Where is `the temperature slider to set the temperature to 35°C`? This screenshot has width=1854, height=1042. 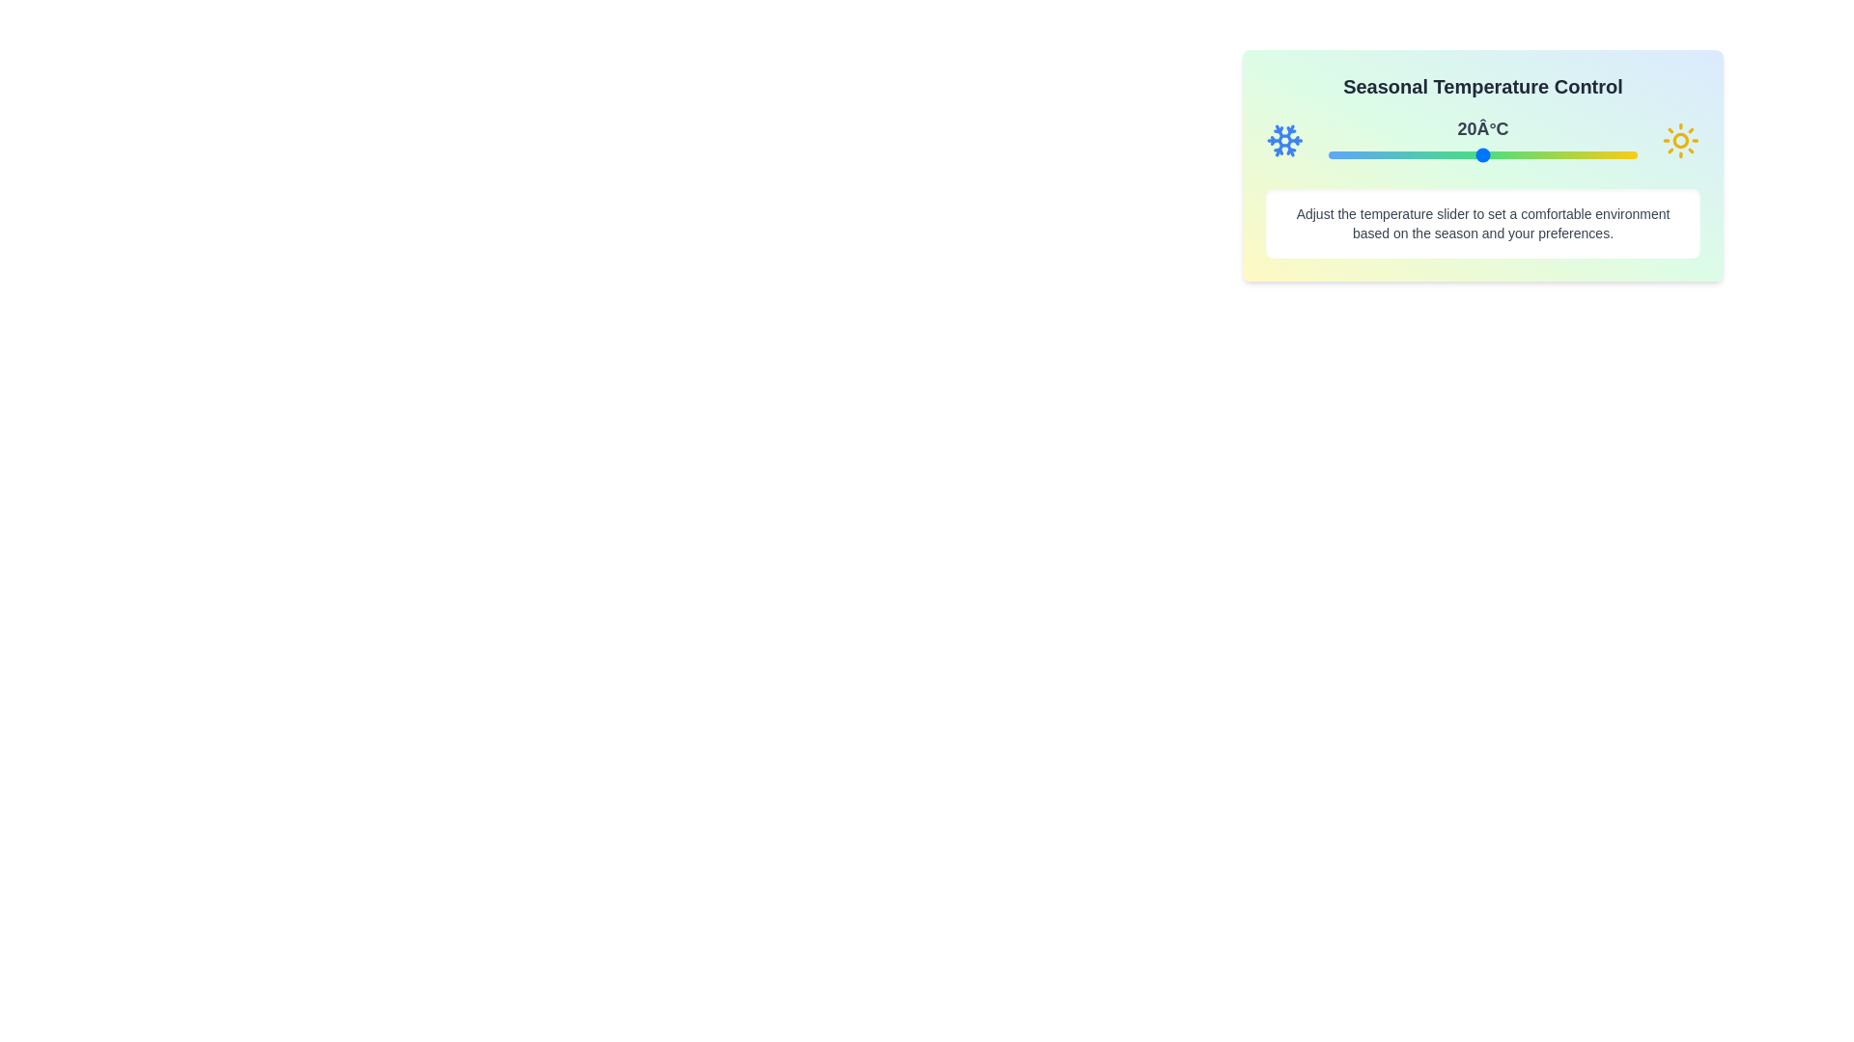 the temperature slider to set the temperature to 35°C is located at coordinates (1560, 154).